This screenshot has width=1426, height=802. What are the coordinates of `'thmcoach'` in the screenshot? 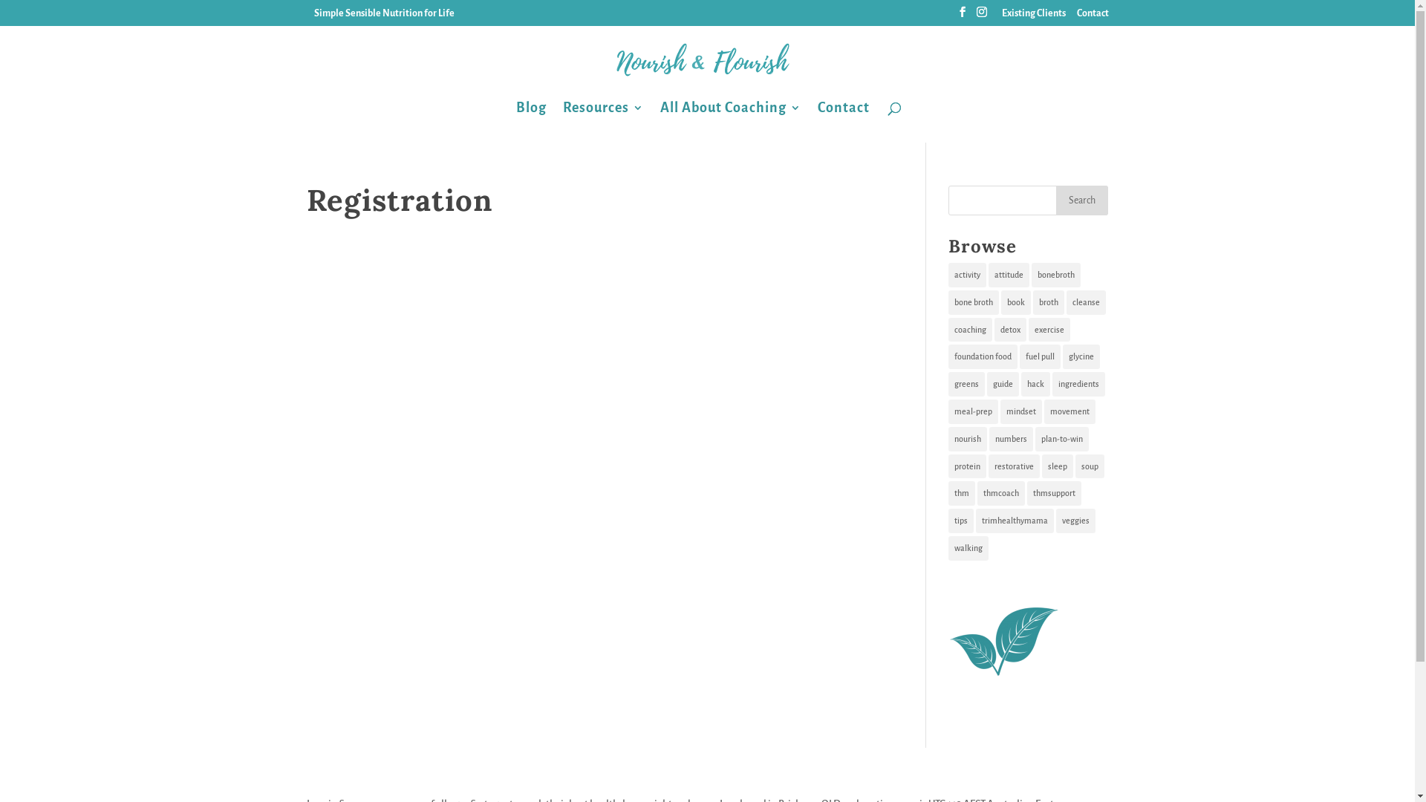 It's located at (977, 493).